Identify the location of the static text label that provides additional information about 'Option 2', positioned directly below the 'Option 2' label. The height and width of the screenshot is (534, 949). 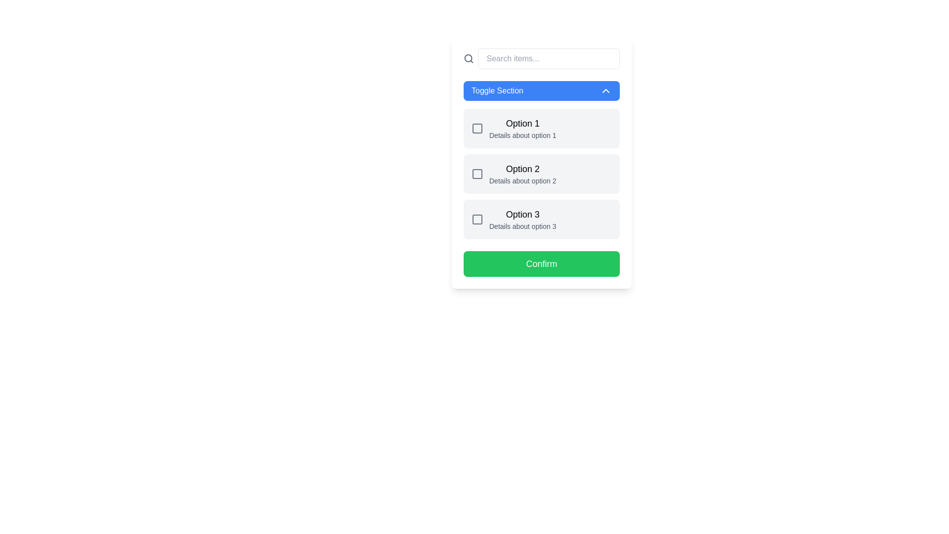
(522, 181).